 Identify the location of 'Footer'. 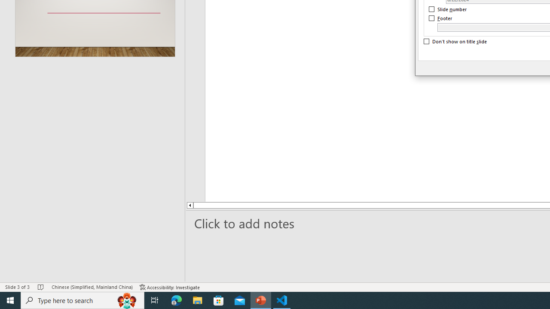
(440, 18).